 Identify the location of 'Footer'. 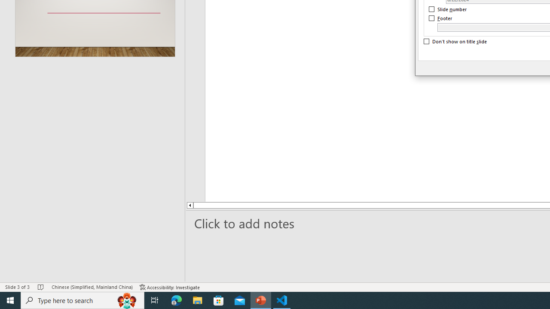
(440, 18).